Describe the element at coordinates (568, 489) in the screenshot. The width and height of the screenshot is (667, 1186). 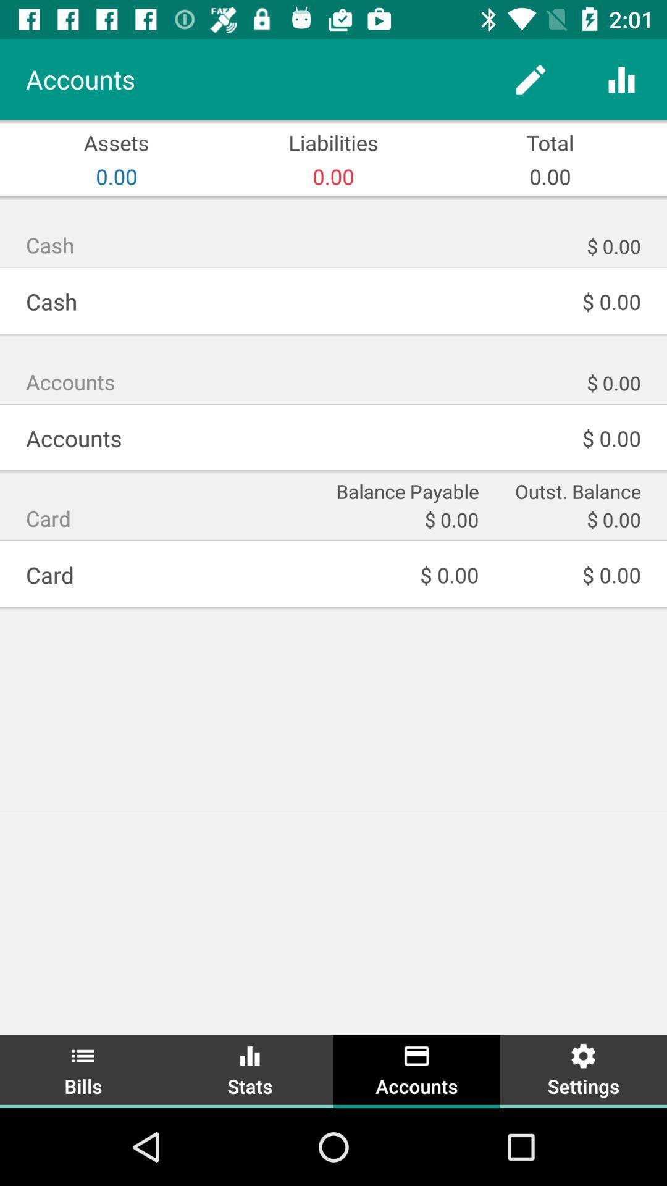
I see `the item below $ 0.00` at that location.